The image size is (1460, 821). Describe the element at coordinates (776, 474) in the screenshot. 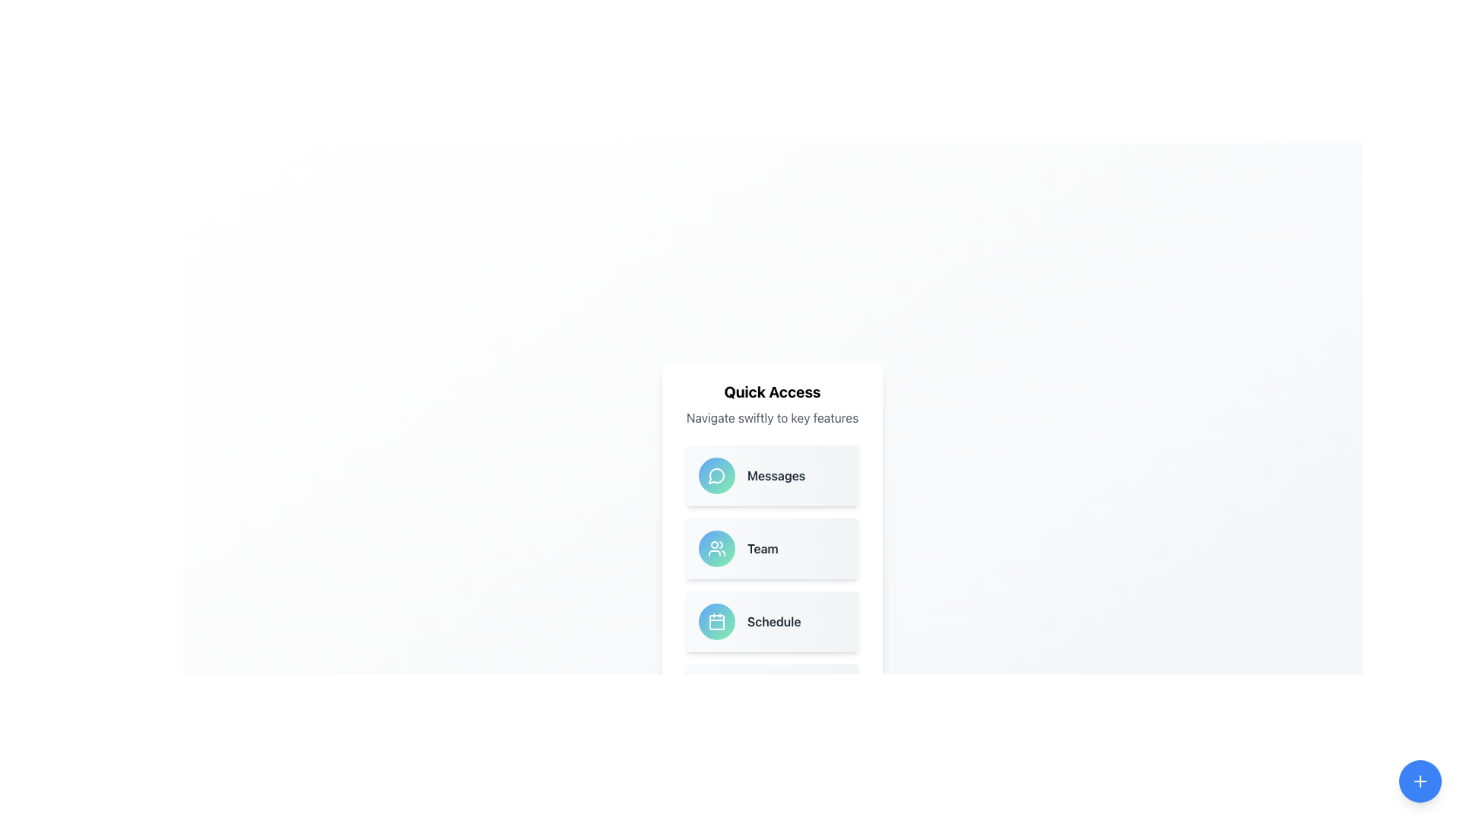

I see `the 'Messages' text label, which is displayed in bold dark gray font within a rectangular card in the 'Quick Access' section, located to the right of a circular gradient icon` at that location.